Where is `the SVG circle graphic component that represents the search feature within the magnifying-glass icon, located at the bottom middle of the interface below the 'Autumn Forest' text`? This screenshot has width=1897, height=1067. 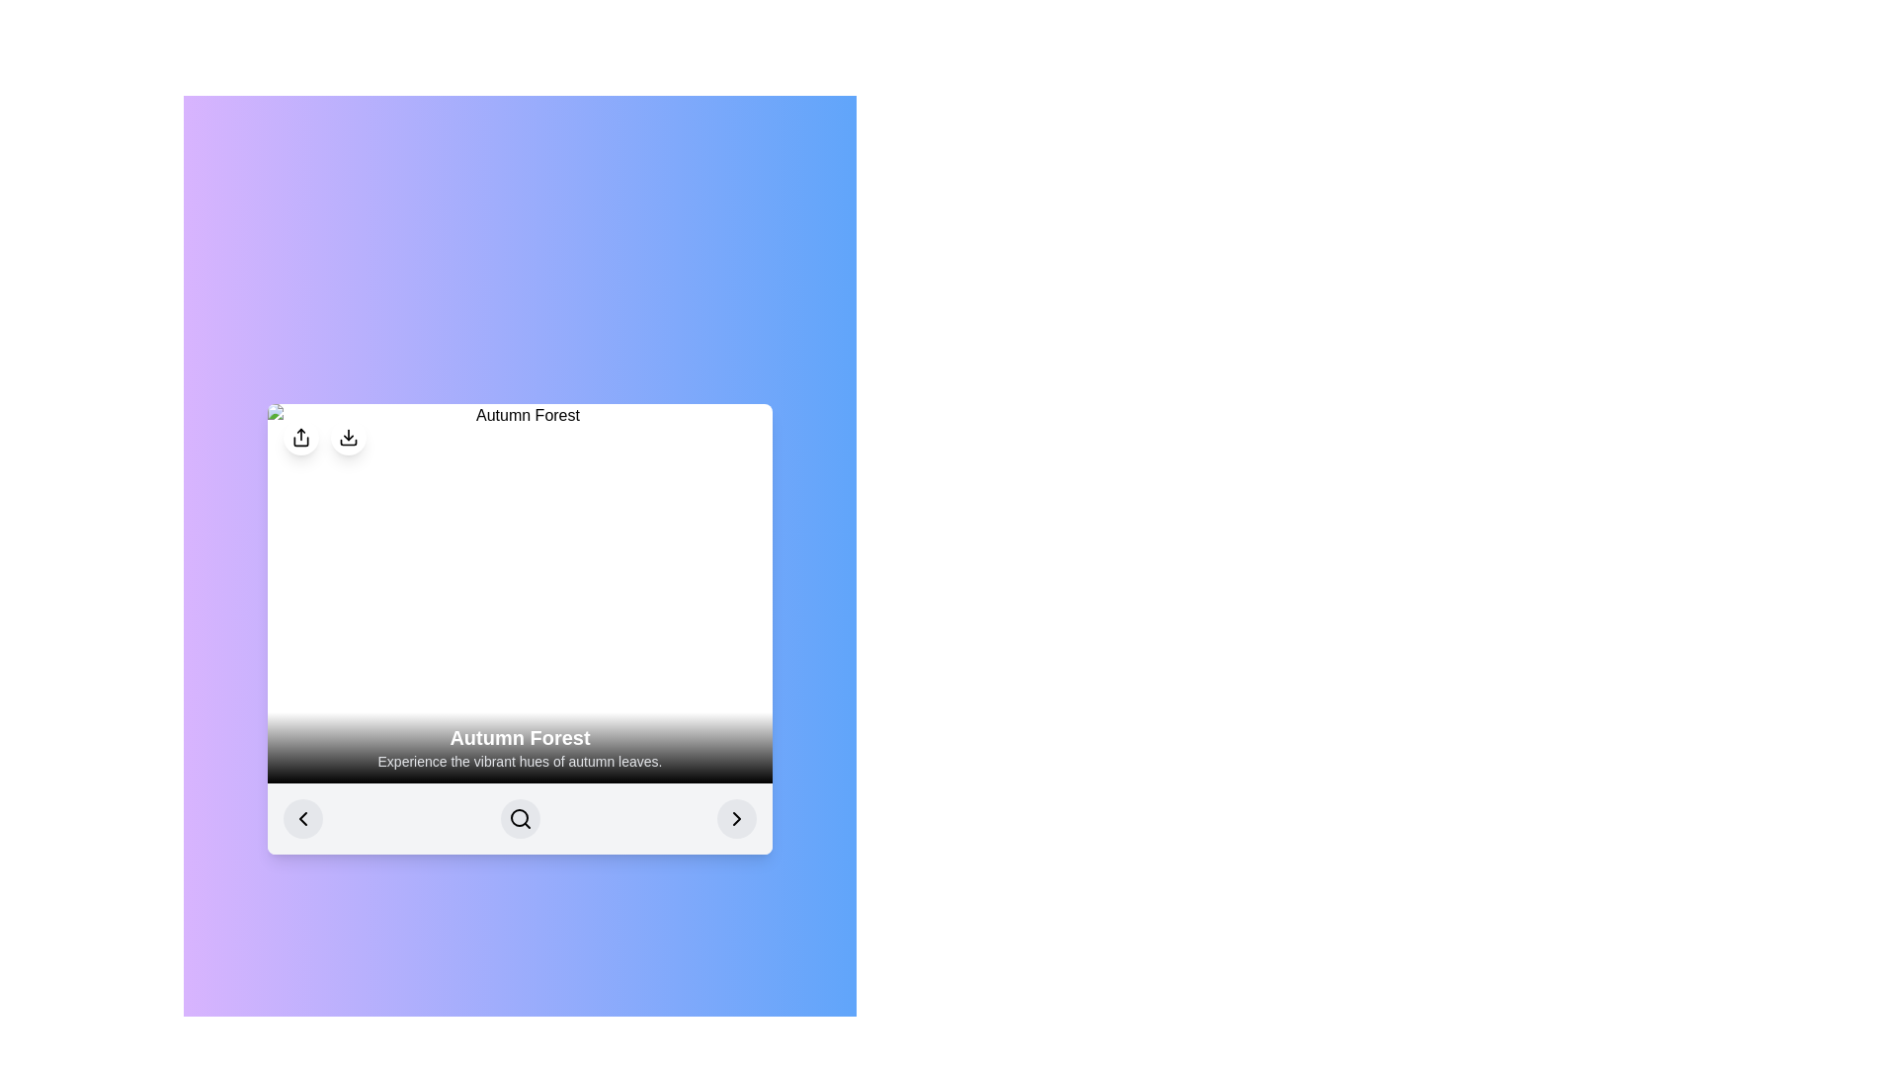
the SVG circle graphic component that represents the search feature within the magnifying-glass icon, located at the bottom middle of the interface below the 'Autumn Forest' text is located at coordinates (519, 818).